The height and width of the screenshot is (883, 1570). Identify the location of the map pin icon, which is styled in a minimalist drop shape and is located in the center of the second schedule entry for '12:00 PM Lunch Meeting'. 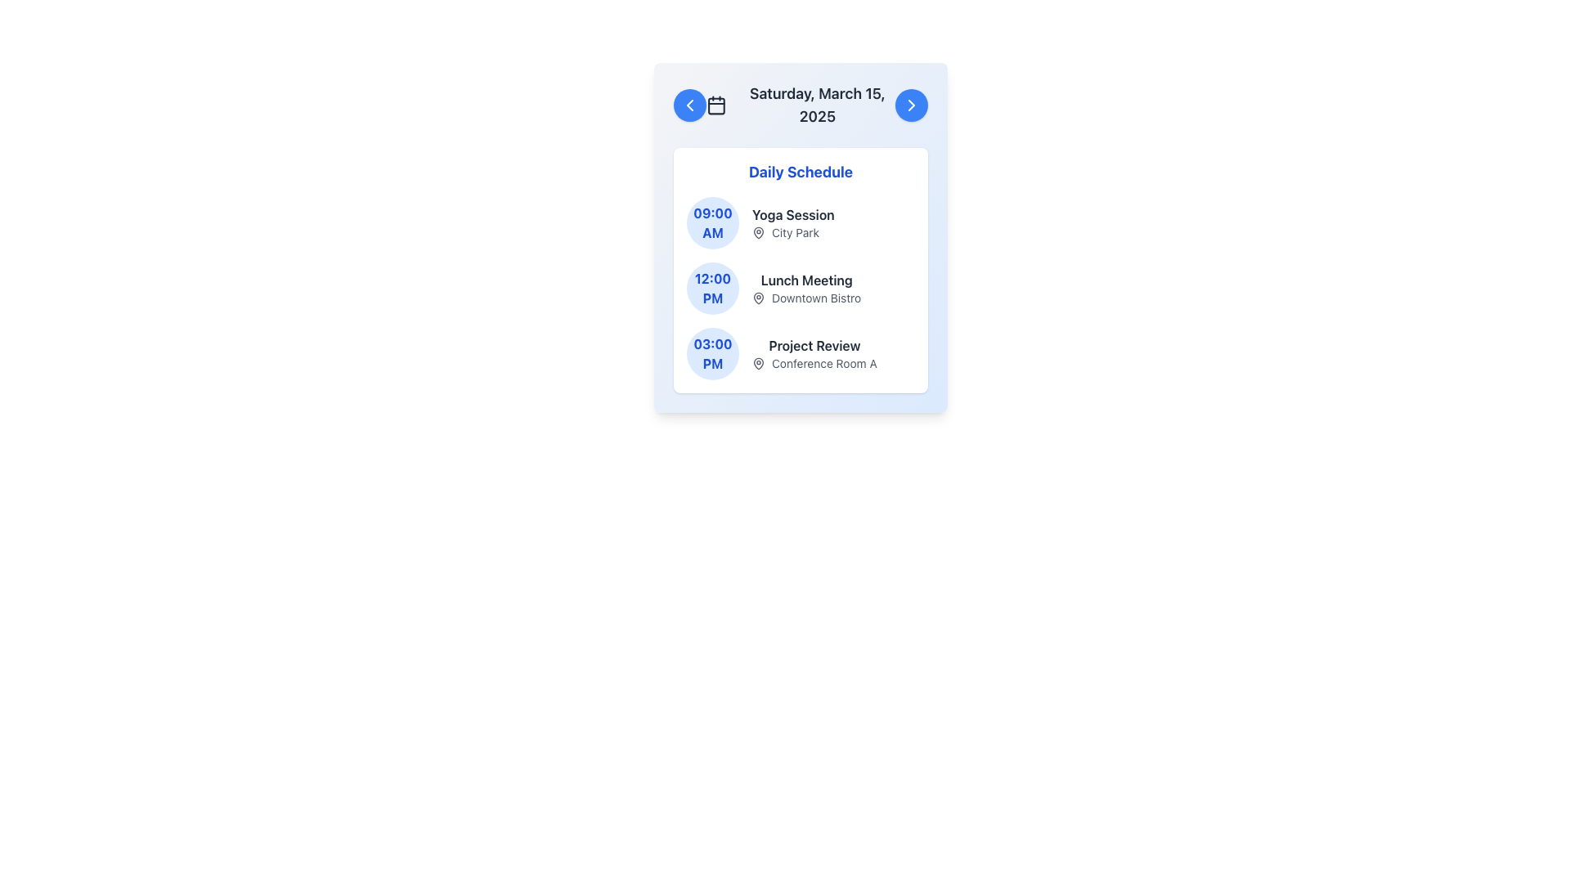
(757, 297).